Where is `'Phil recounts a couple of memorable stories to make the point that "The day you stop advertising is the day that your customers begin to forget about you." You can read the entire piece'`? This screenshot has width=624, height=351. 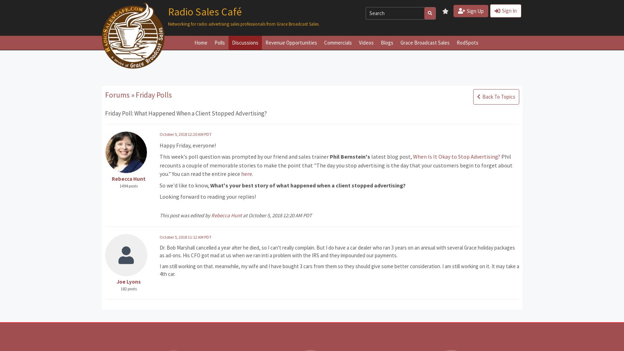 'Phil recounts a couple of memorable stories to make the point that "The day you stop advertising is the day that your customers begin to forget about you." You can read the entire piece' is located at coordinates (335, 165).